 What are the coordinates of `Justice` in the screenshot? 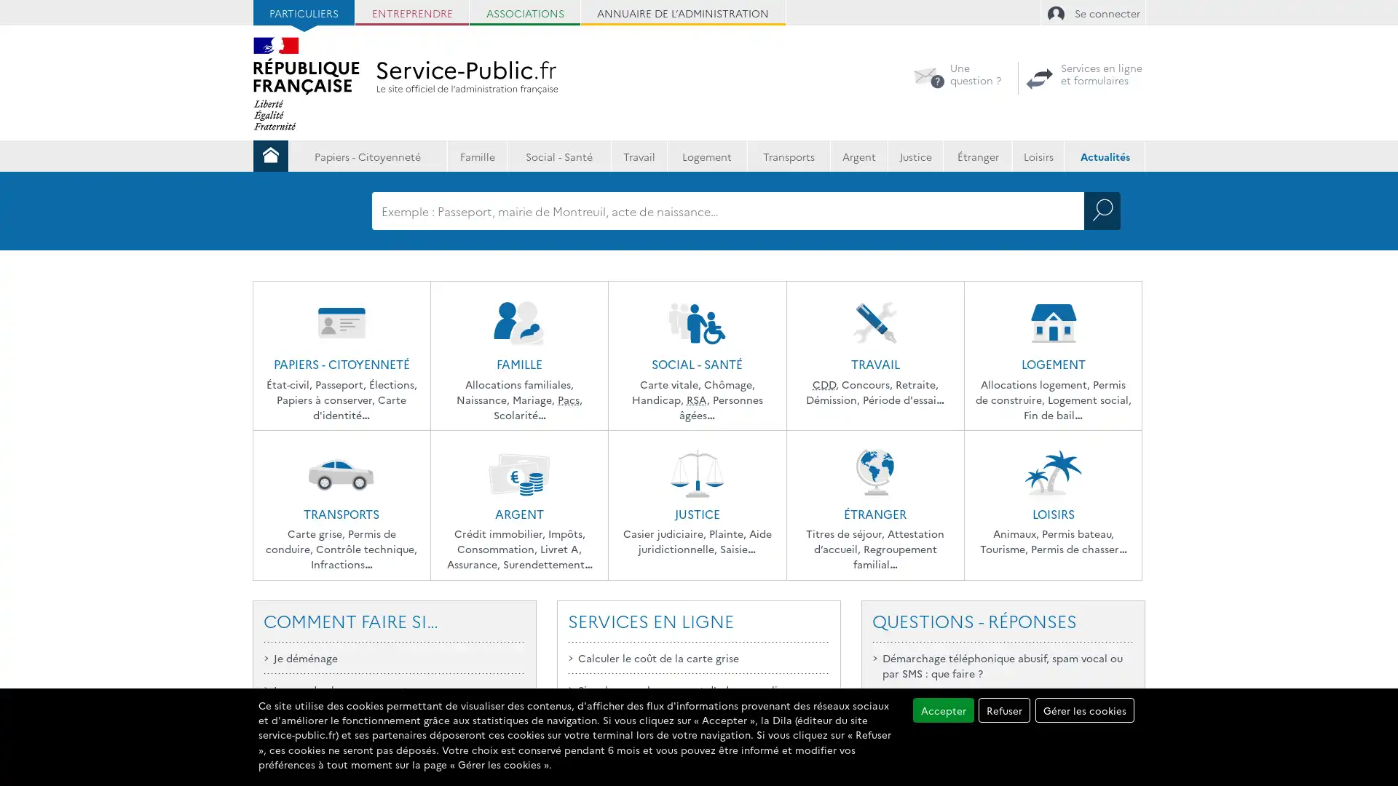 It's located at (915, 155).